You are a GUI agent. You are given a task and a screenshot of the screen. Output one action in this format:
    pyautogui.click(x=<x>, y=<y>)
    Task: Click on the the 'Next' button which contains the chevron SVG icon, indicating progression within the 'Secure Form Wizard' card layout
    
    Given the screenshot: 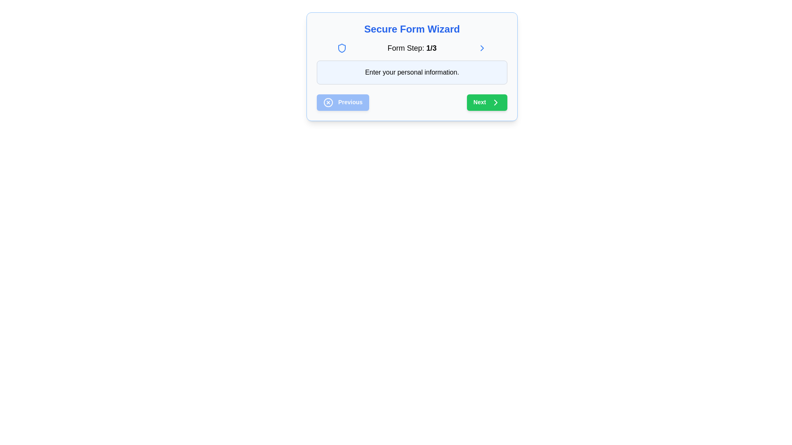 What is the action you would take?
    pyautogui.click(x=495, y=102)
    